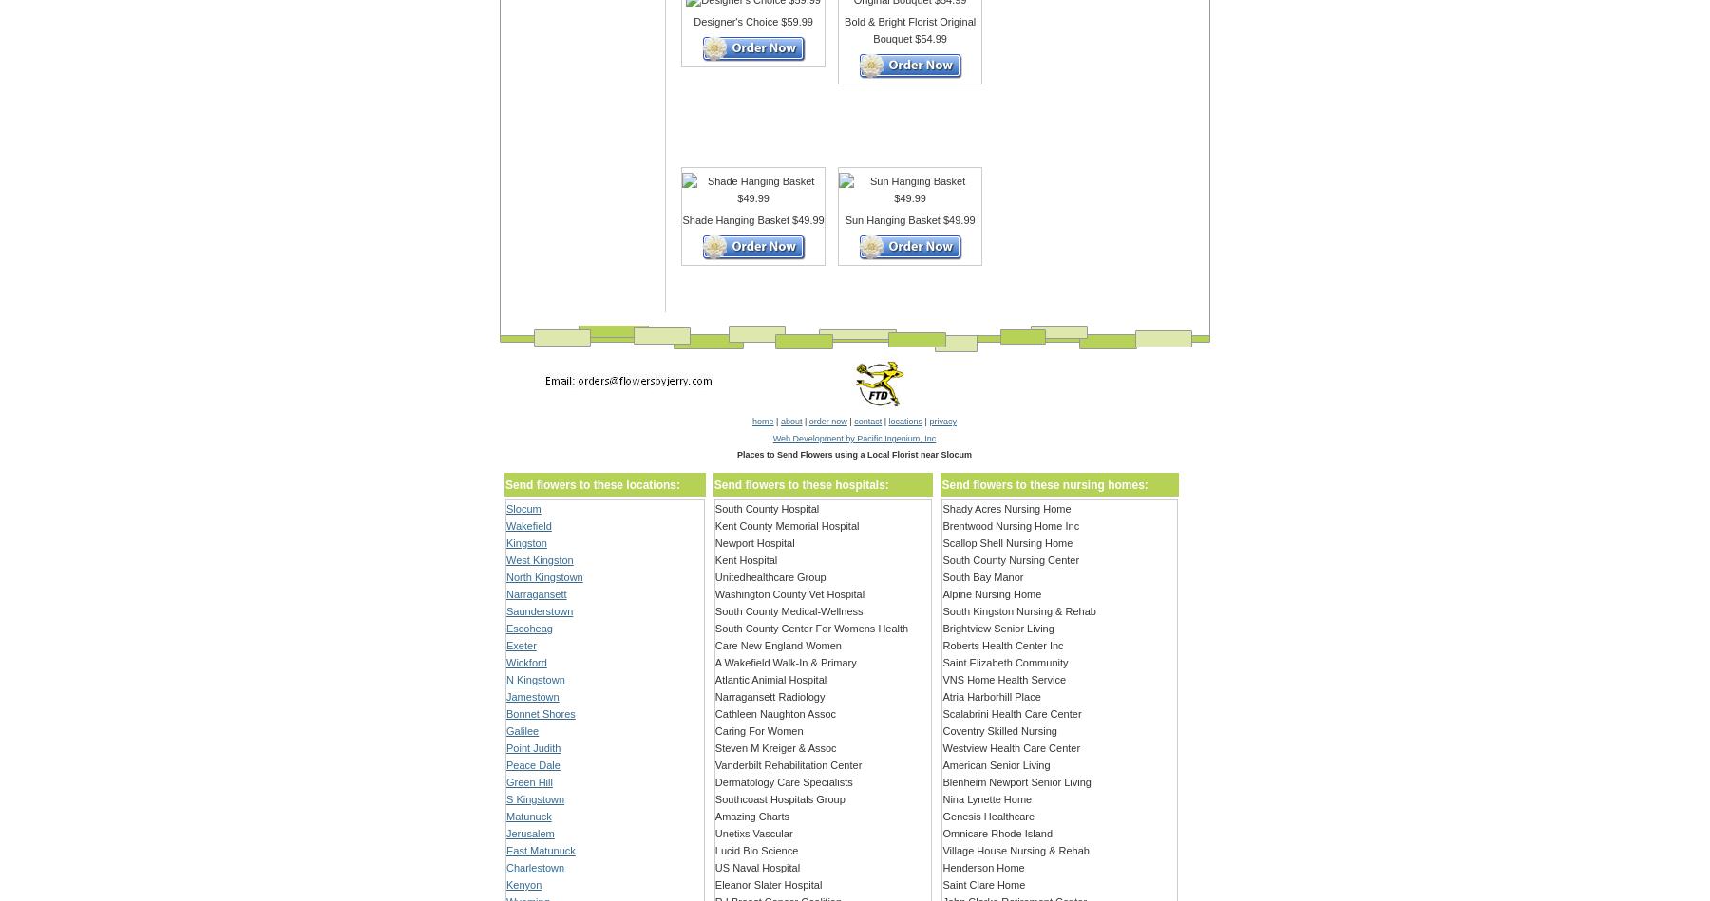  I want to click on 'Wickford', so click(525, 662).